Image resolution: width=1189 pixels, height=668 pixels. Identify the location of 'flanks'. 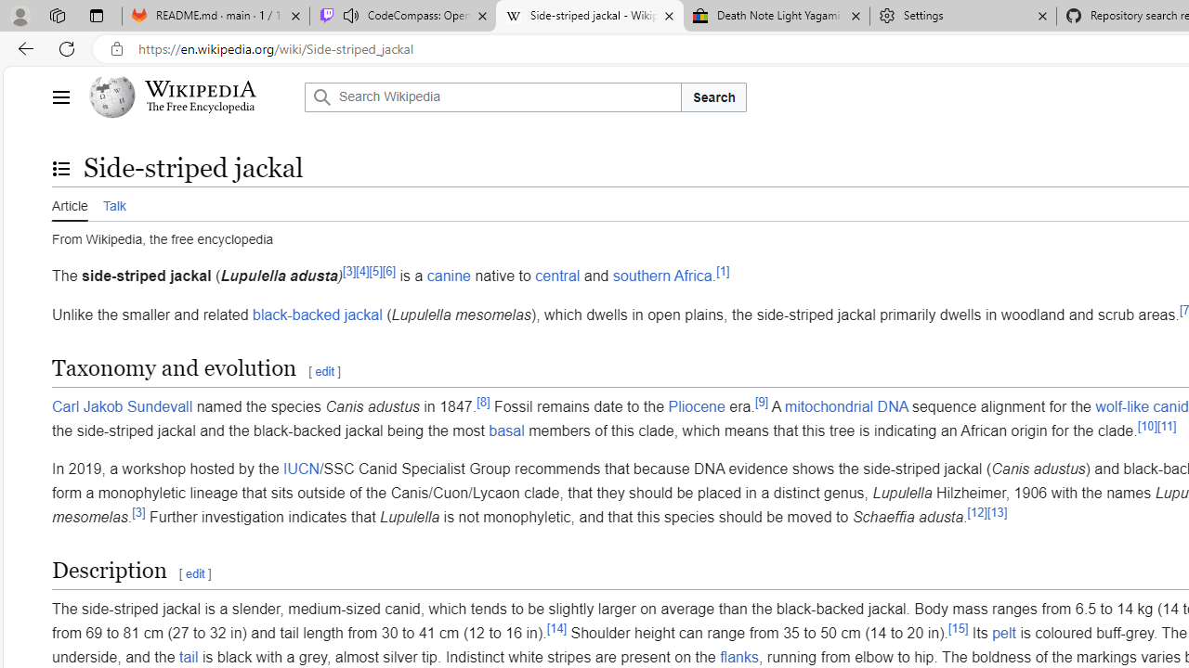
(738, 656).